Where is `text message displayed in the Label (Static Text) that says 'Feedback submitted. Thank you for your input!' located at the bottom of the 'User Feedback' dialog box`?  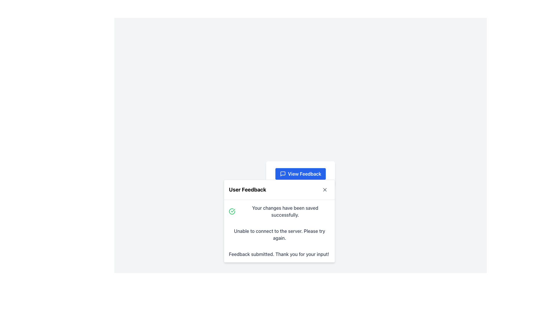
text message displayed in the Label (Static Text) that says 'Feedback submitted. Thank you for your input!' located at the bottom of the 'User Feedback' dialog box is located at coordinates (279, 254).